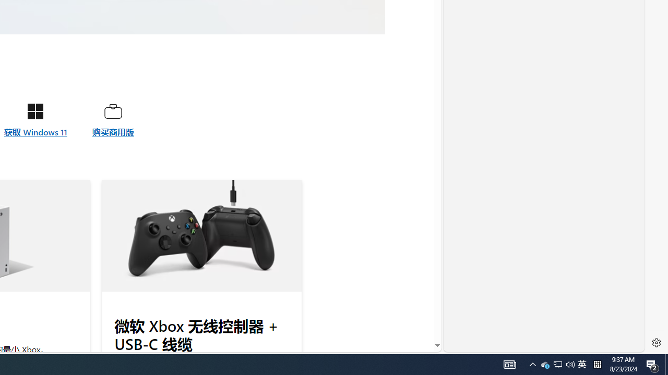  I want to click on 'A pair of Xbox Wireless Controllers with USB-C Cable.', so click(201, 236).